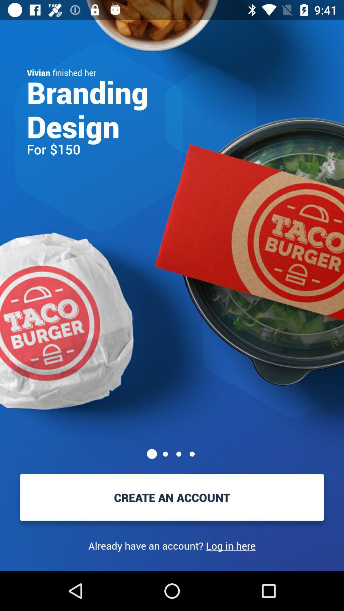 The image size is (344, 611). I want to click on the item below create an account item, so click(172, 545).